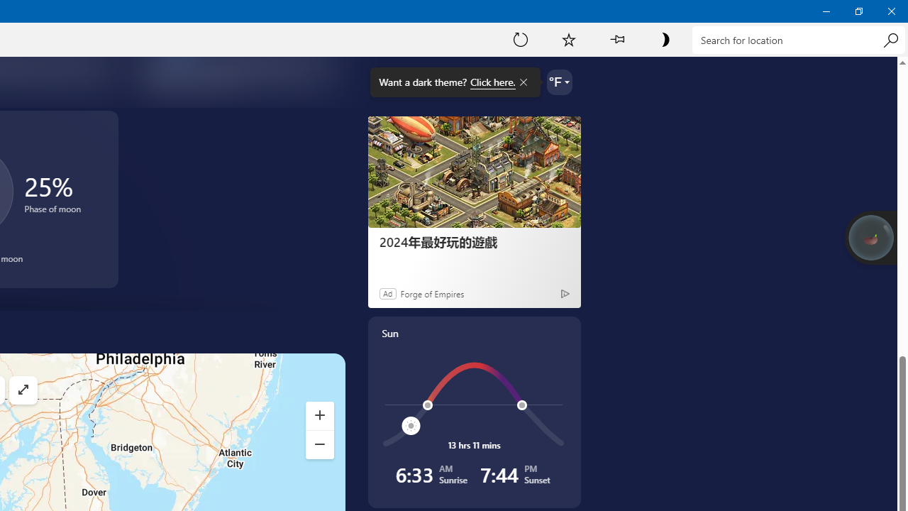 Image resolution: width=908 pixels, height=511 pixels. Describe the element at coordinates (616, 38) in the screenshot. I see `'Pin'` at that location.